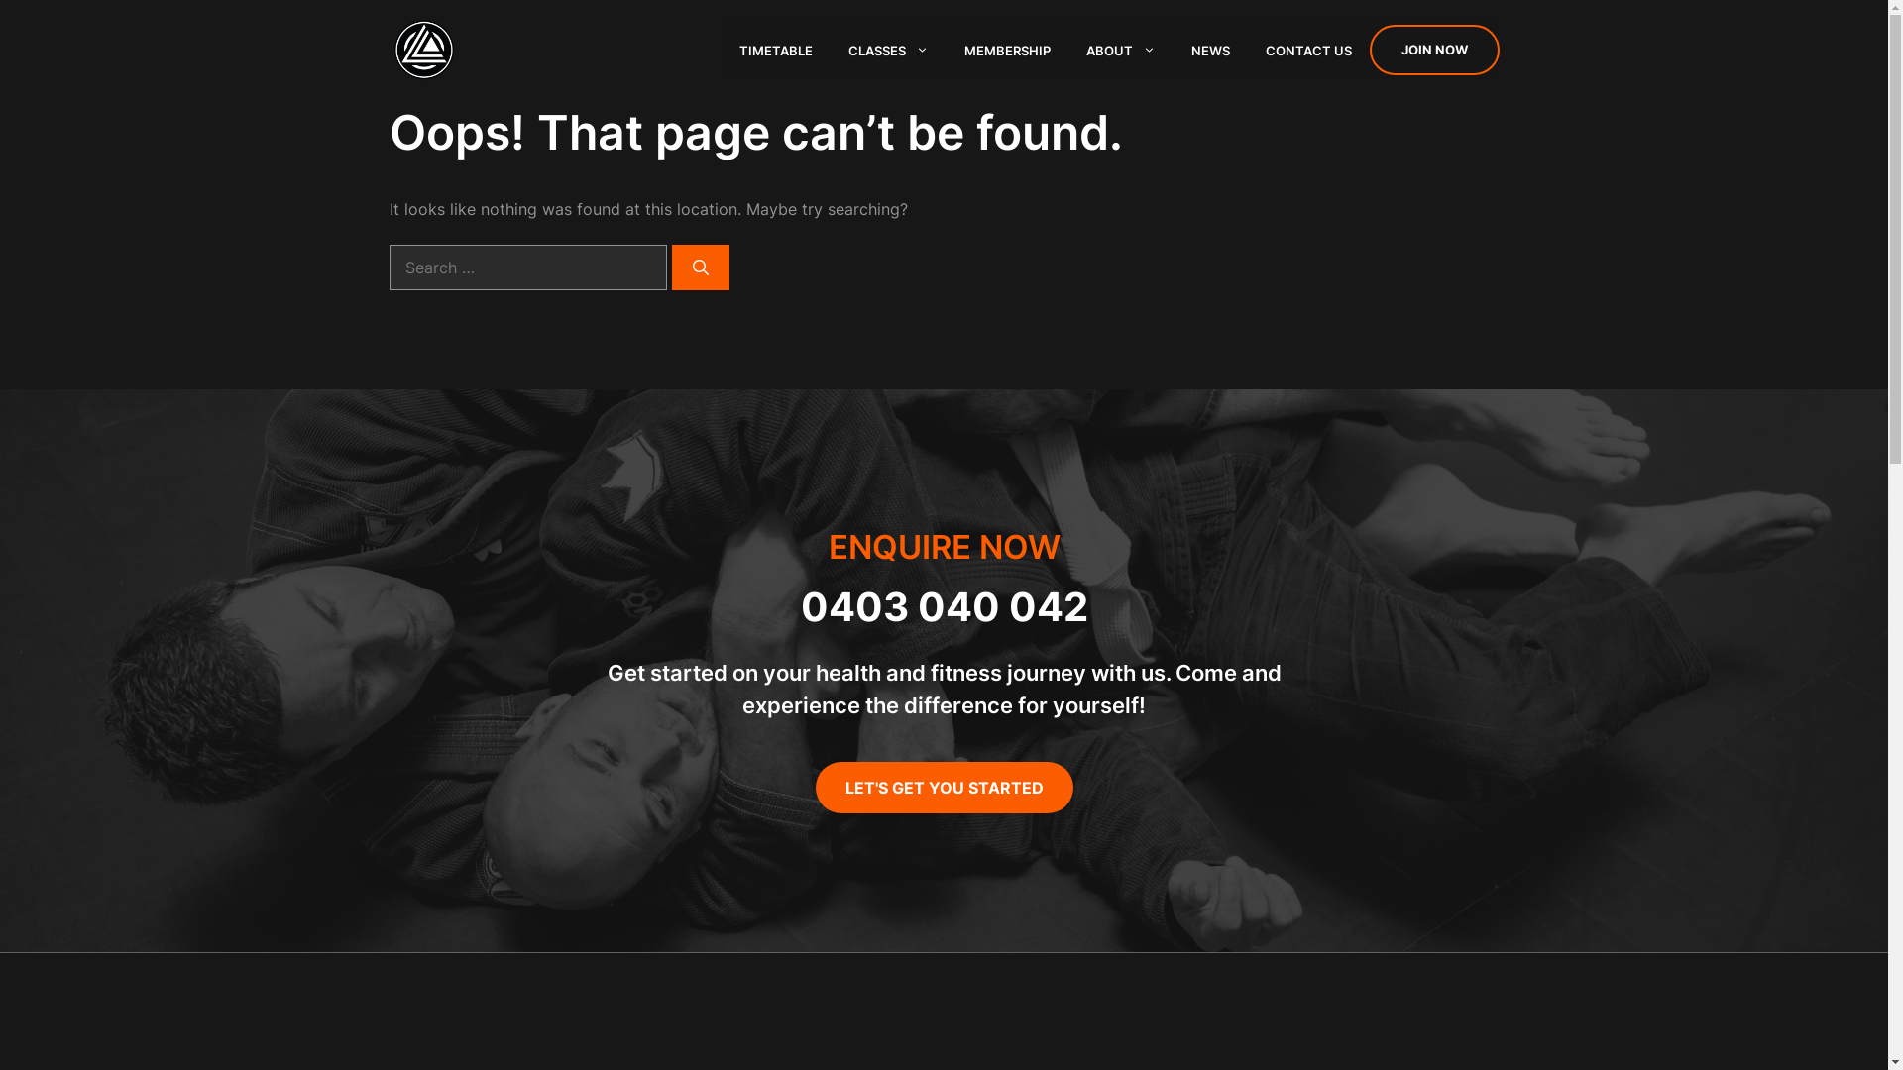  I want to click on 'CONTACT US', so click(1307, 49).